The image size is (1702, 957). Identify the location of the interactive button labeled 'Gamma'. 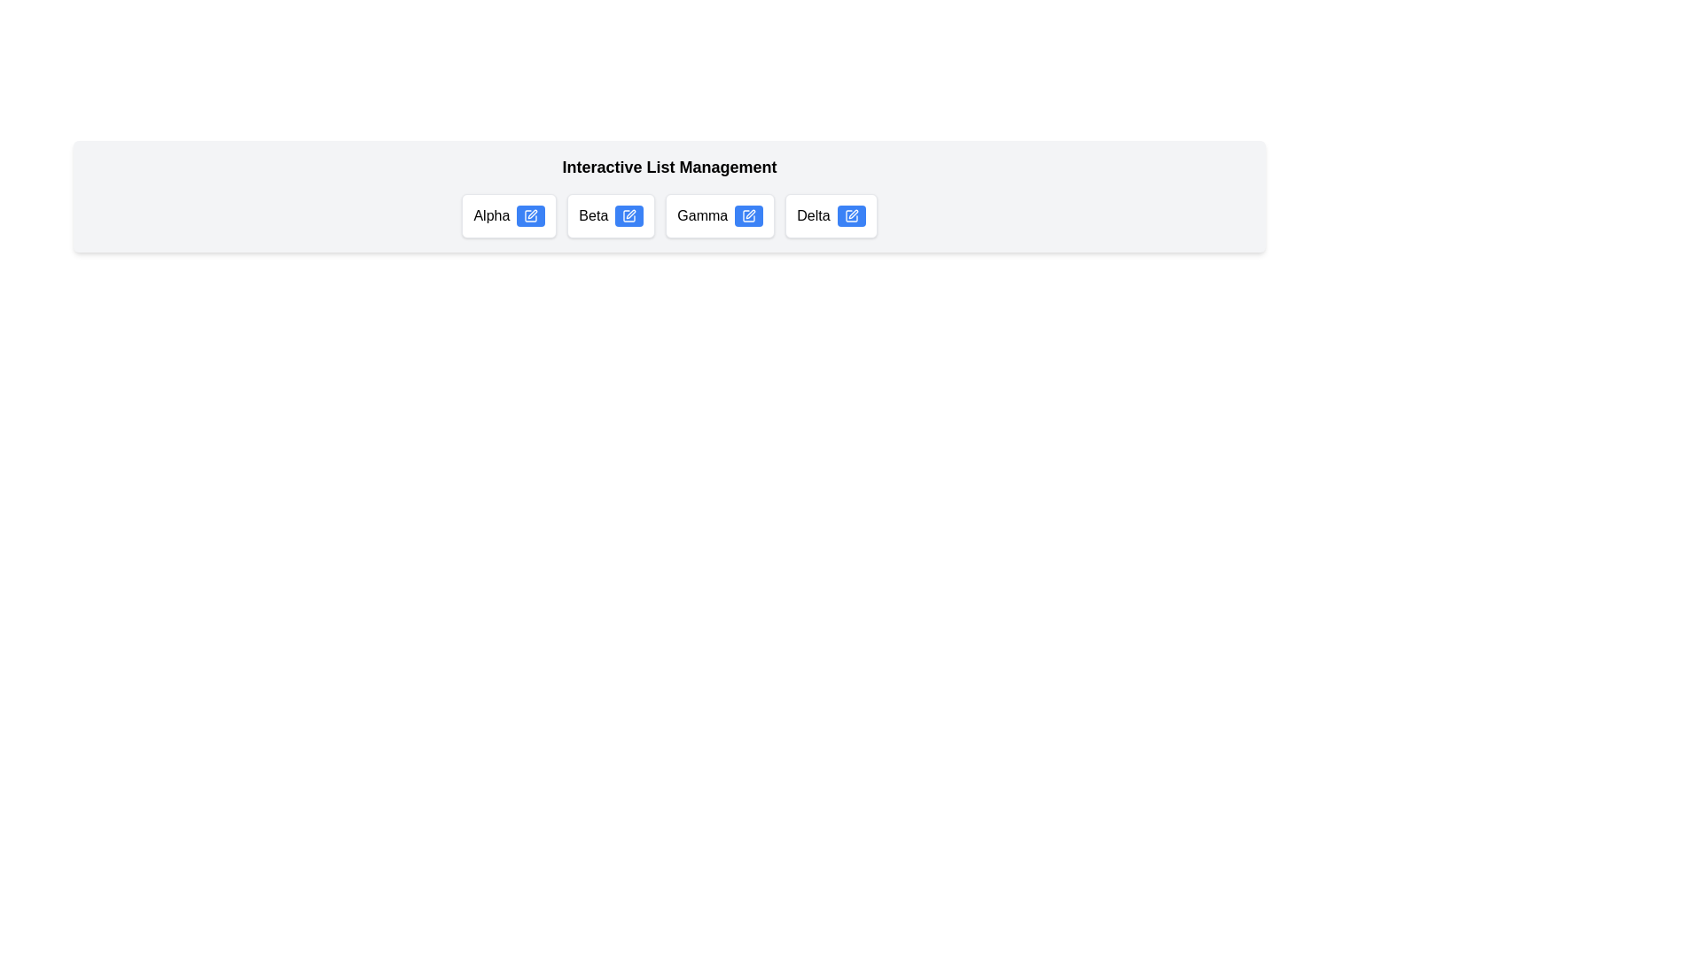
(749, 214).